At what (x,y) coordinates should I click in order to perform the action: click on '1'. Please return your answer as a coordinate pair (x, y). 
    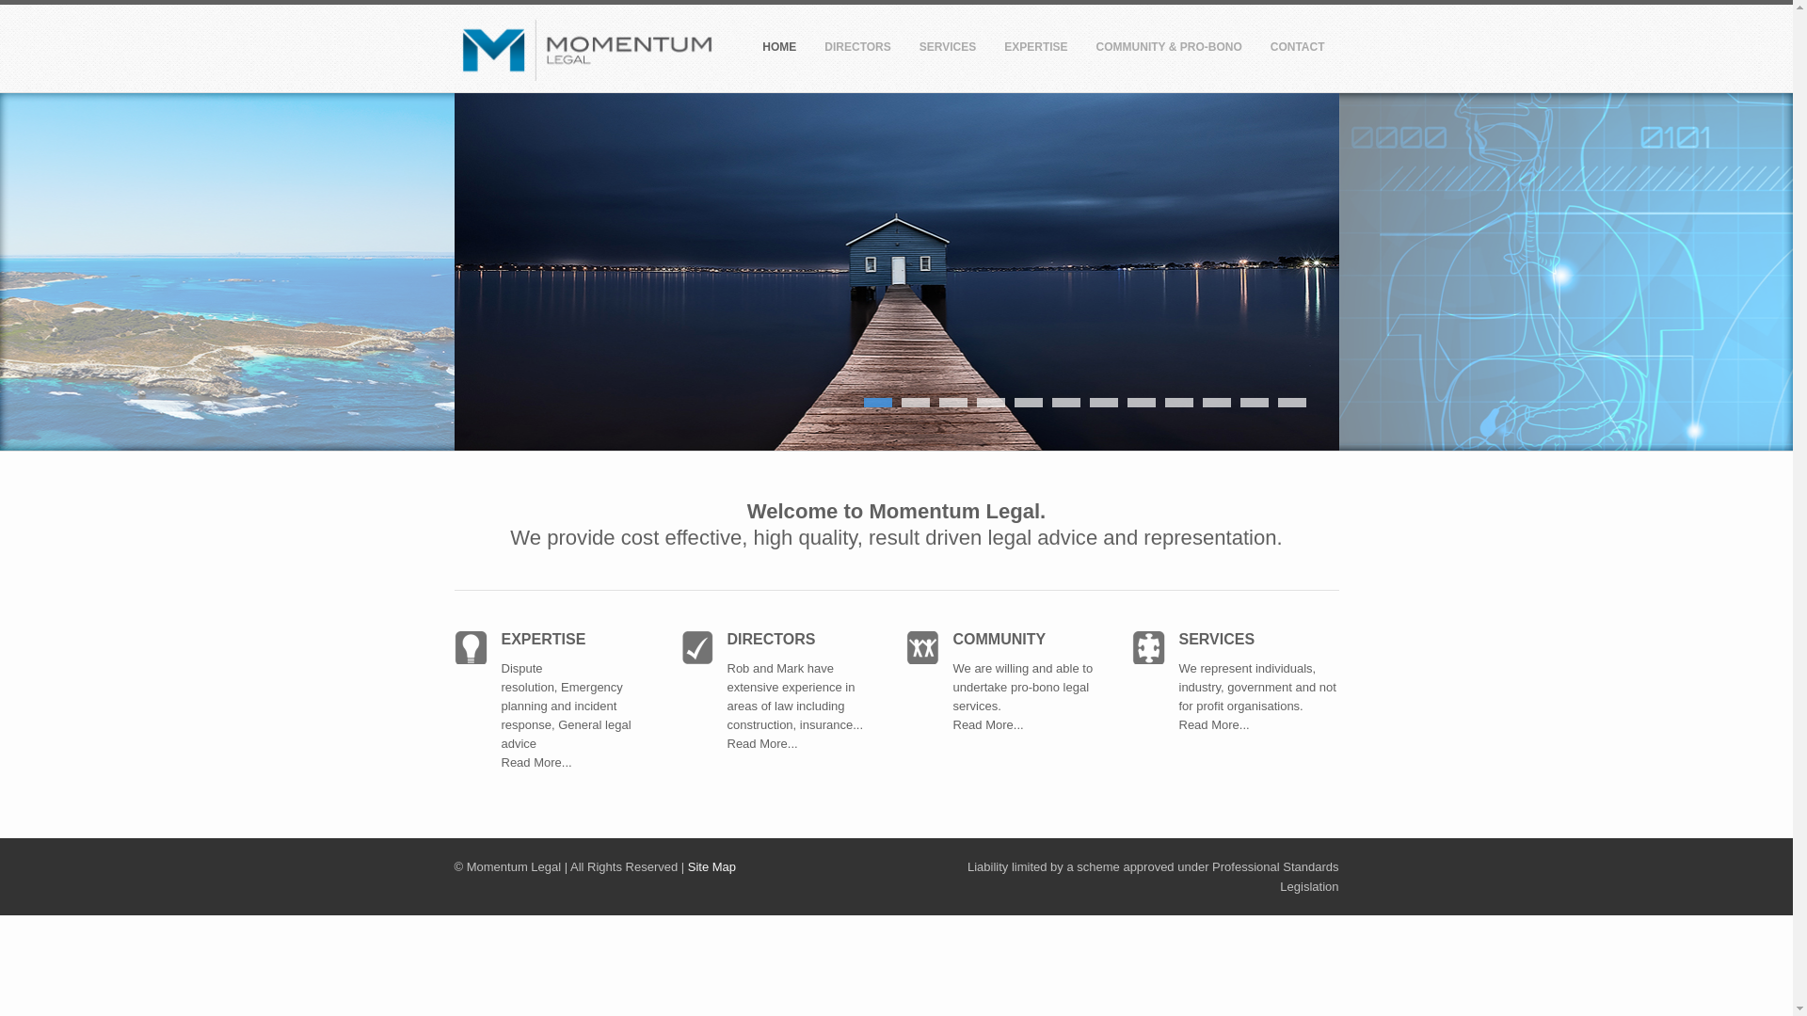
    Looking at the image, I should click on (876, 402).